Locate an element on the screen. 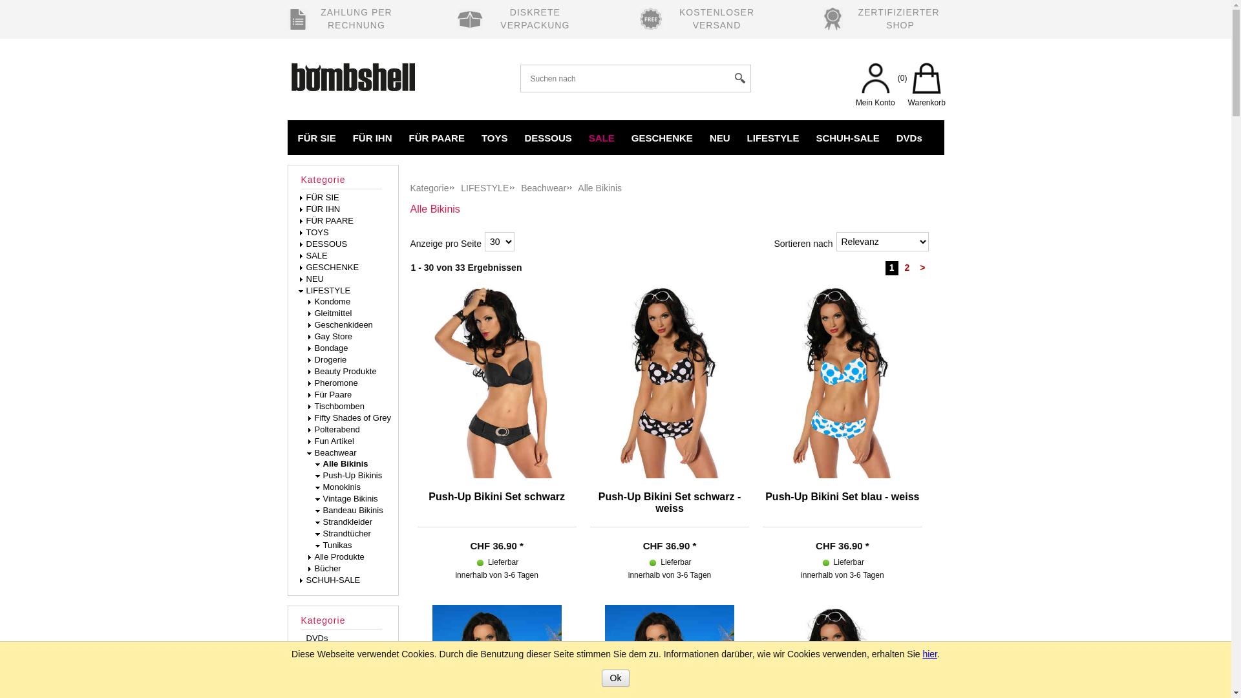 The width and height of the screenshot is (1241, 698). ' Beauty Produkte' is located at coordinates (345, 371).